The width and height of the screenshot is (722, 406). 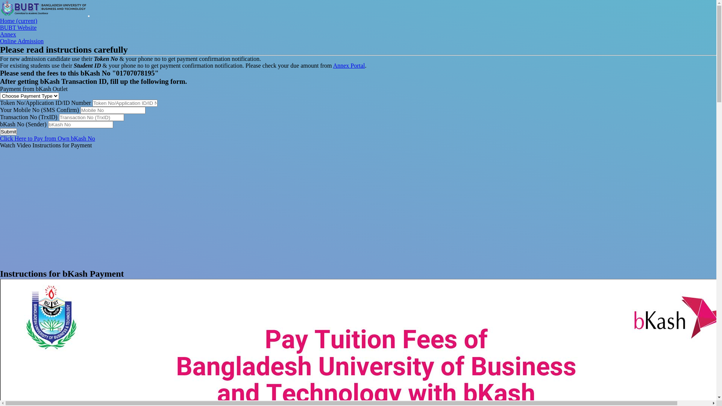 What do you see at coordinates (18, 20) in the screenshot?
I see `'Home (current)'` at bounding box center [18, 20].